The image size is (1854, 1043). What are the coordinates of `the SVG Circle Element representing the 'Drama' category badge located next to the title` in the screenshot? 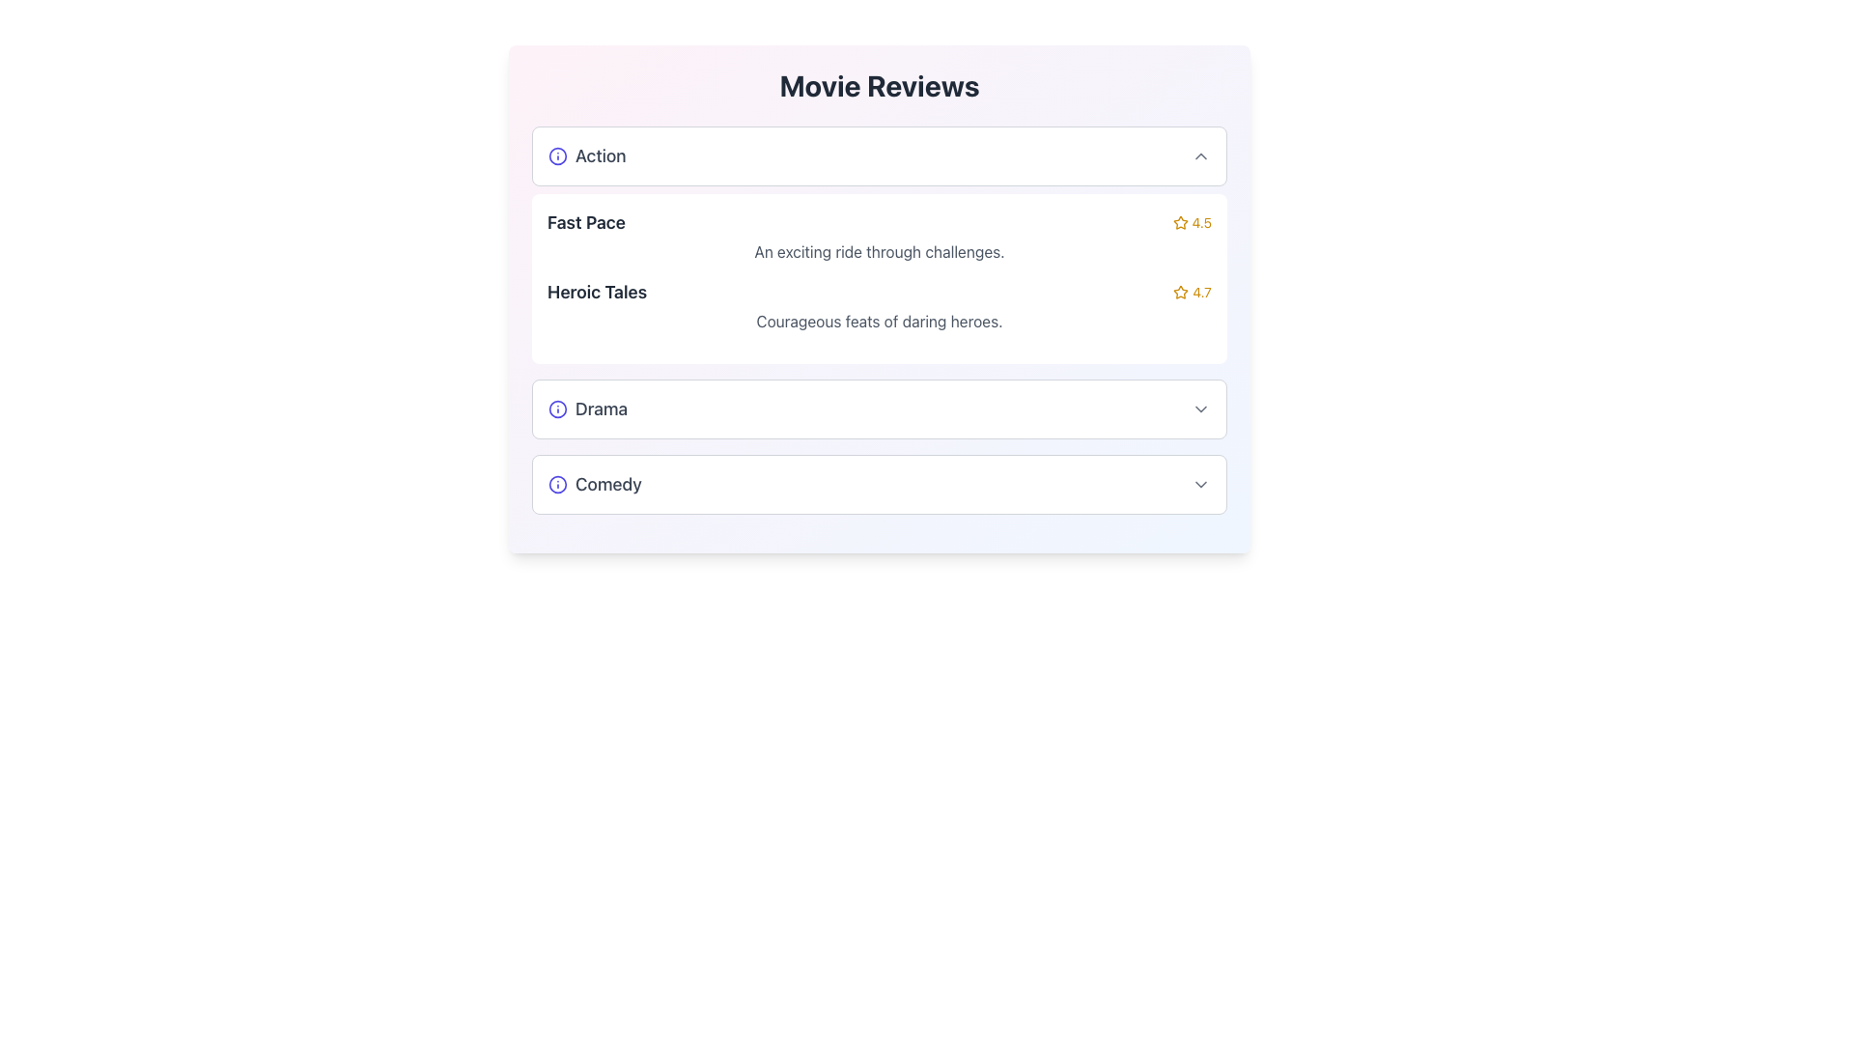 It's located at (556, 409).